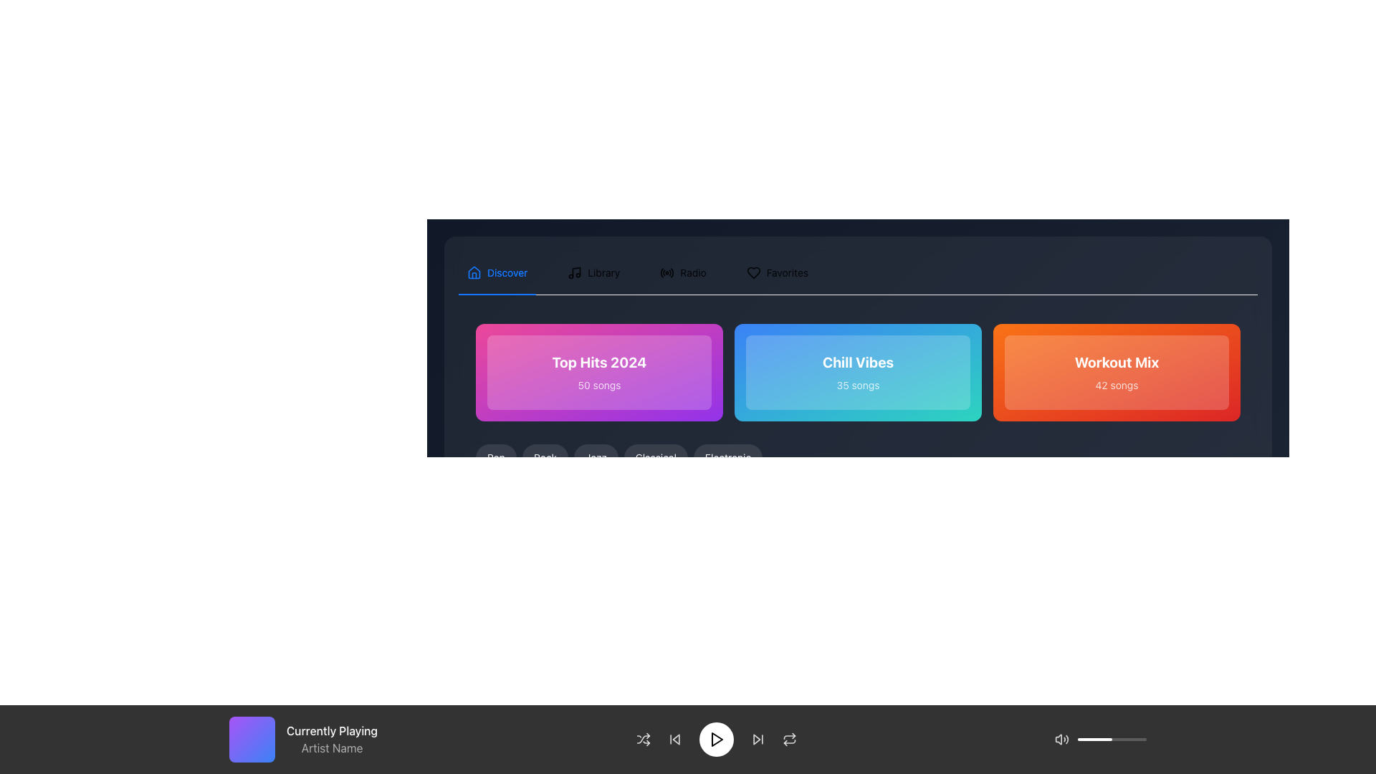 Image resolution: width=1376 pixels, height=774 pixels. Describe the element at coordinates (1116, 361) in the screenshot. I see `the static text label displaying 'Workout Mix' in bold, white font against an orange-red gradient background, located in the right-most card of three cards` at that location.